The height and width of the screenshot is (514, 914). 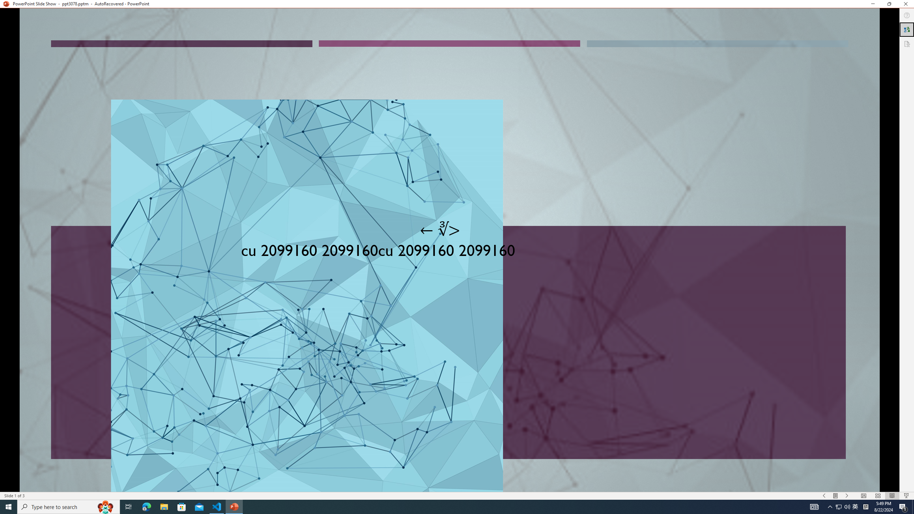 I want to click on 'Reading View', so click(x=892, y=496).